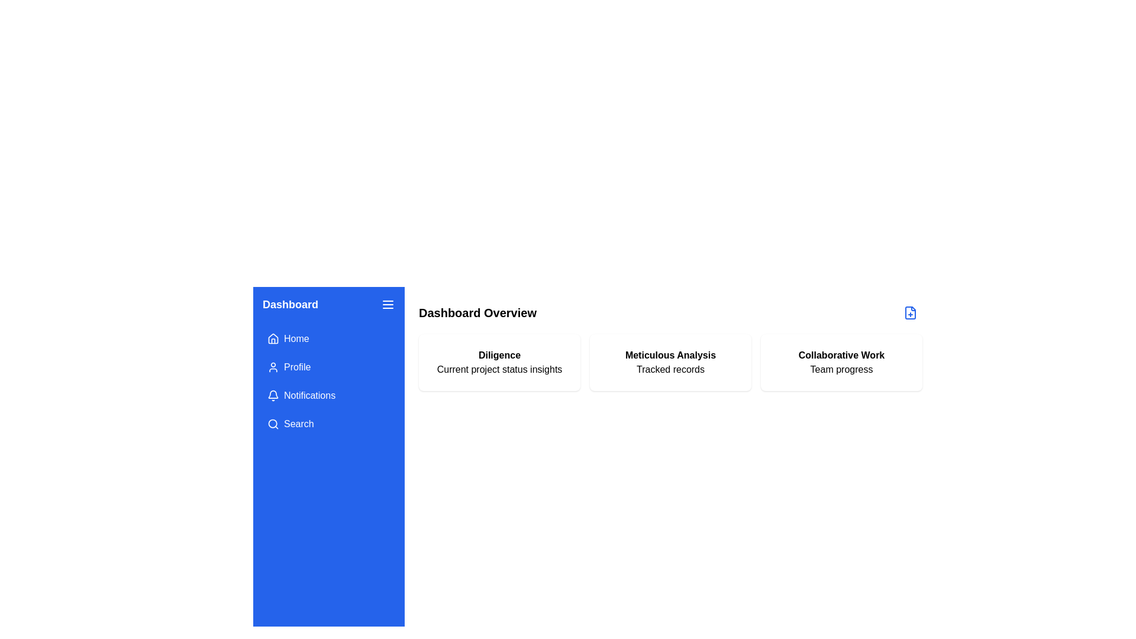 This screenshot has height=639, width=1136. What do you see at coordinates (388, 304) in the screenshot?
I see `the hamburger menu icon located in the upper-right corner of the left-side blue navigation bar` at bounding box center [388, 304].